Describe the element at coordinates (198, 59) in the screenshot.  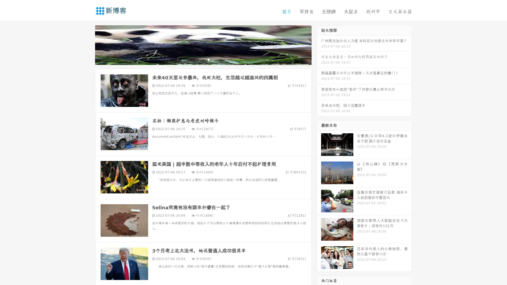
I see `Go to slide 1` at that location.